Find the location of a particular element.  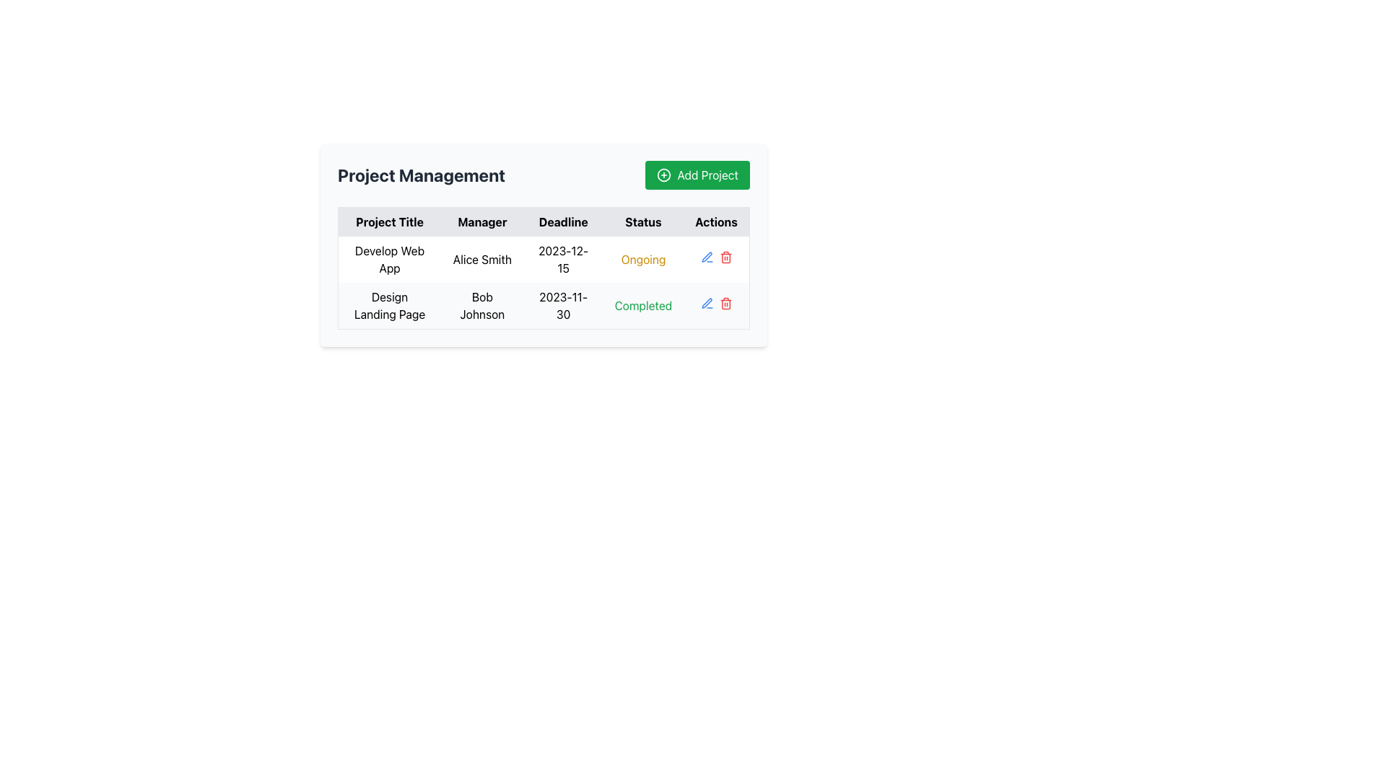

the 'Manager' column header in the table labeled 'Project Management', which is positioned between 'Project Title' and 'Deadline' is located at coordinates (482, 221).